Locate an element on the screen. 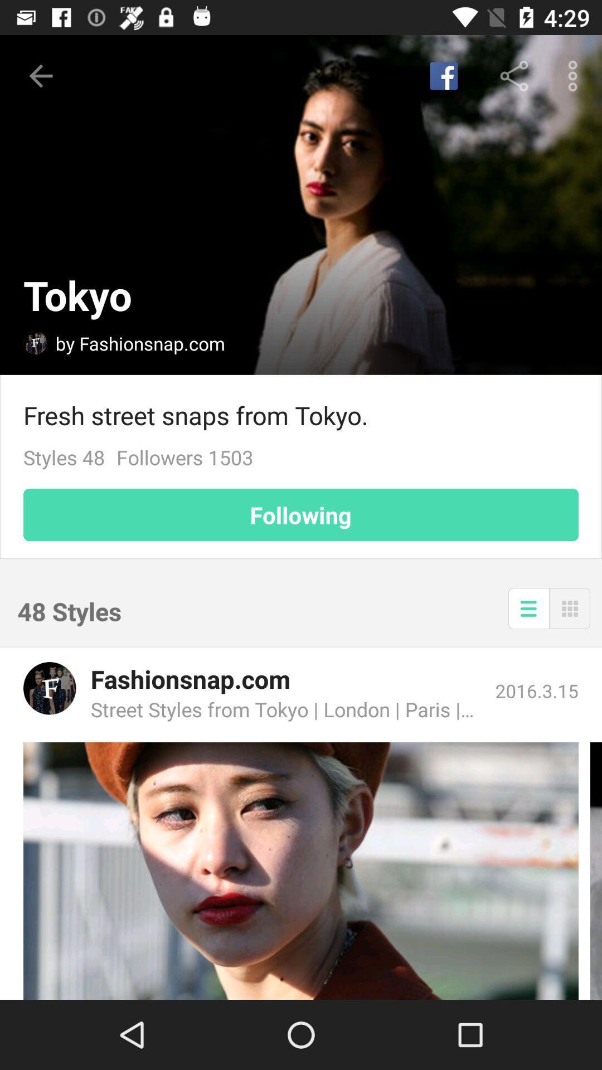 The image size is (602, 1070). the item above tokyo item is located at coordinates (40, 75).